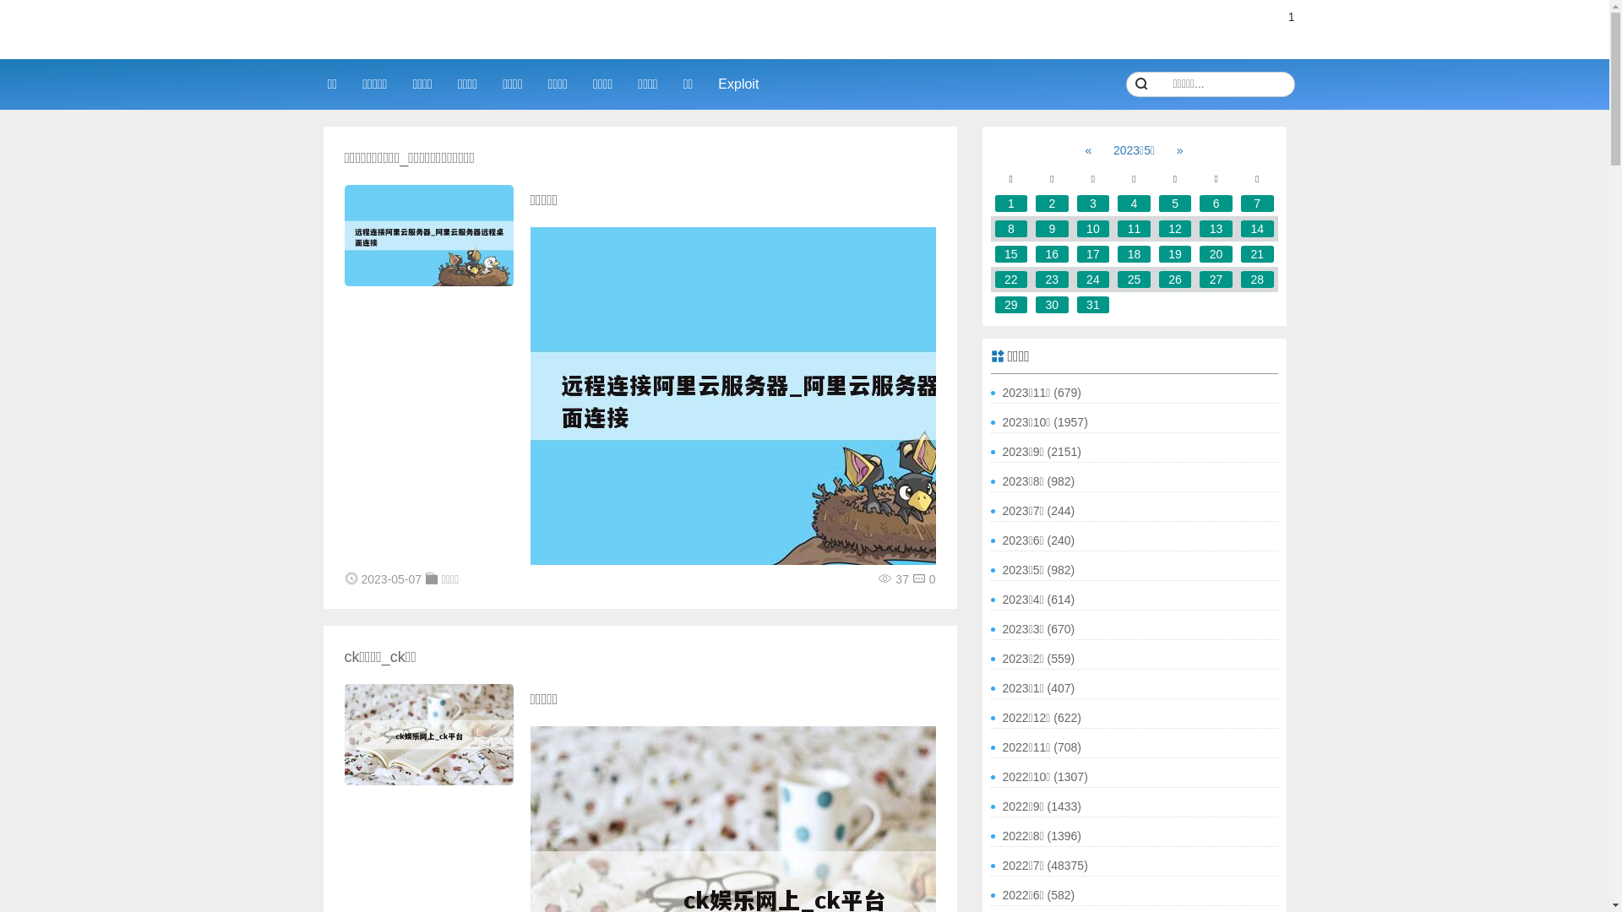 The height and width of the screenshot is (912, 1622). Describe the element at coordinates (1051, 228) in the screenshot. I see `'9'` at that location.